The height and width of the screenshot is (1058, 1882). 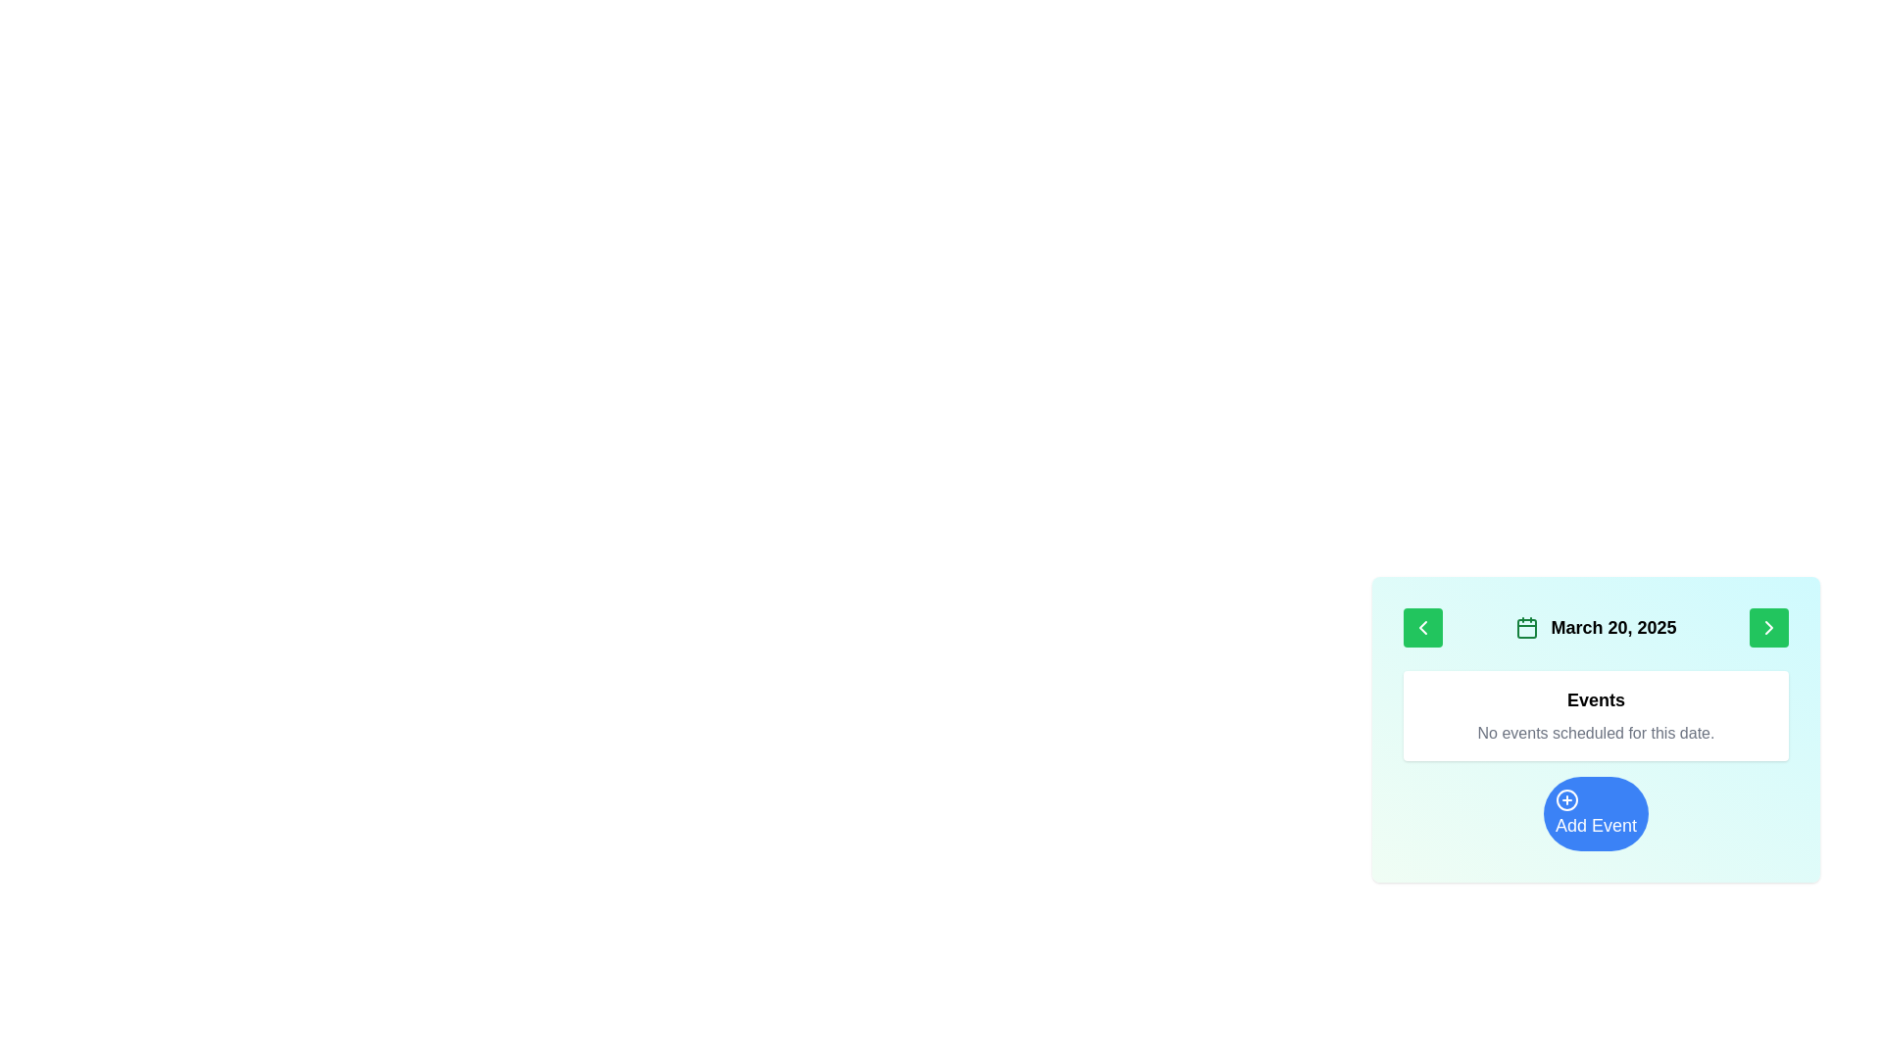 What do you see at coordinates (1596, 733) in the screenshot?
I see `the static text element that informs the user about the absence of scheduled events for the selected date, located within the 'Events' box, below the heading 'Events' and above the 'Add Event' button` at bounding box center [1596, 733].